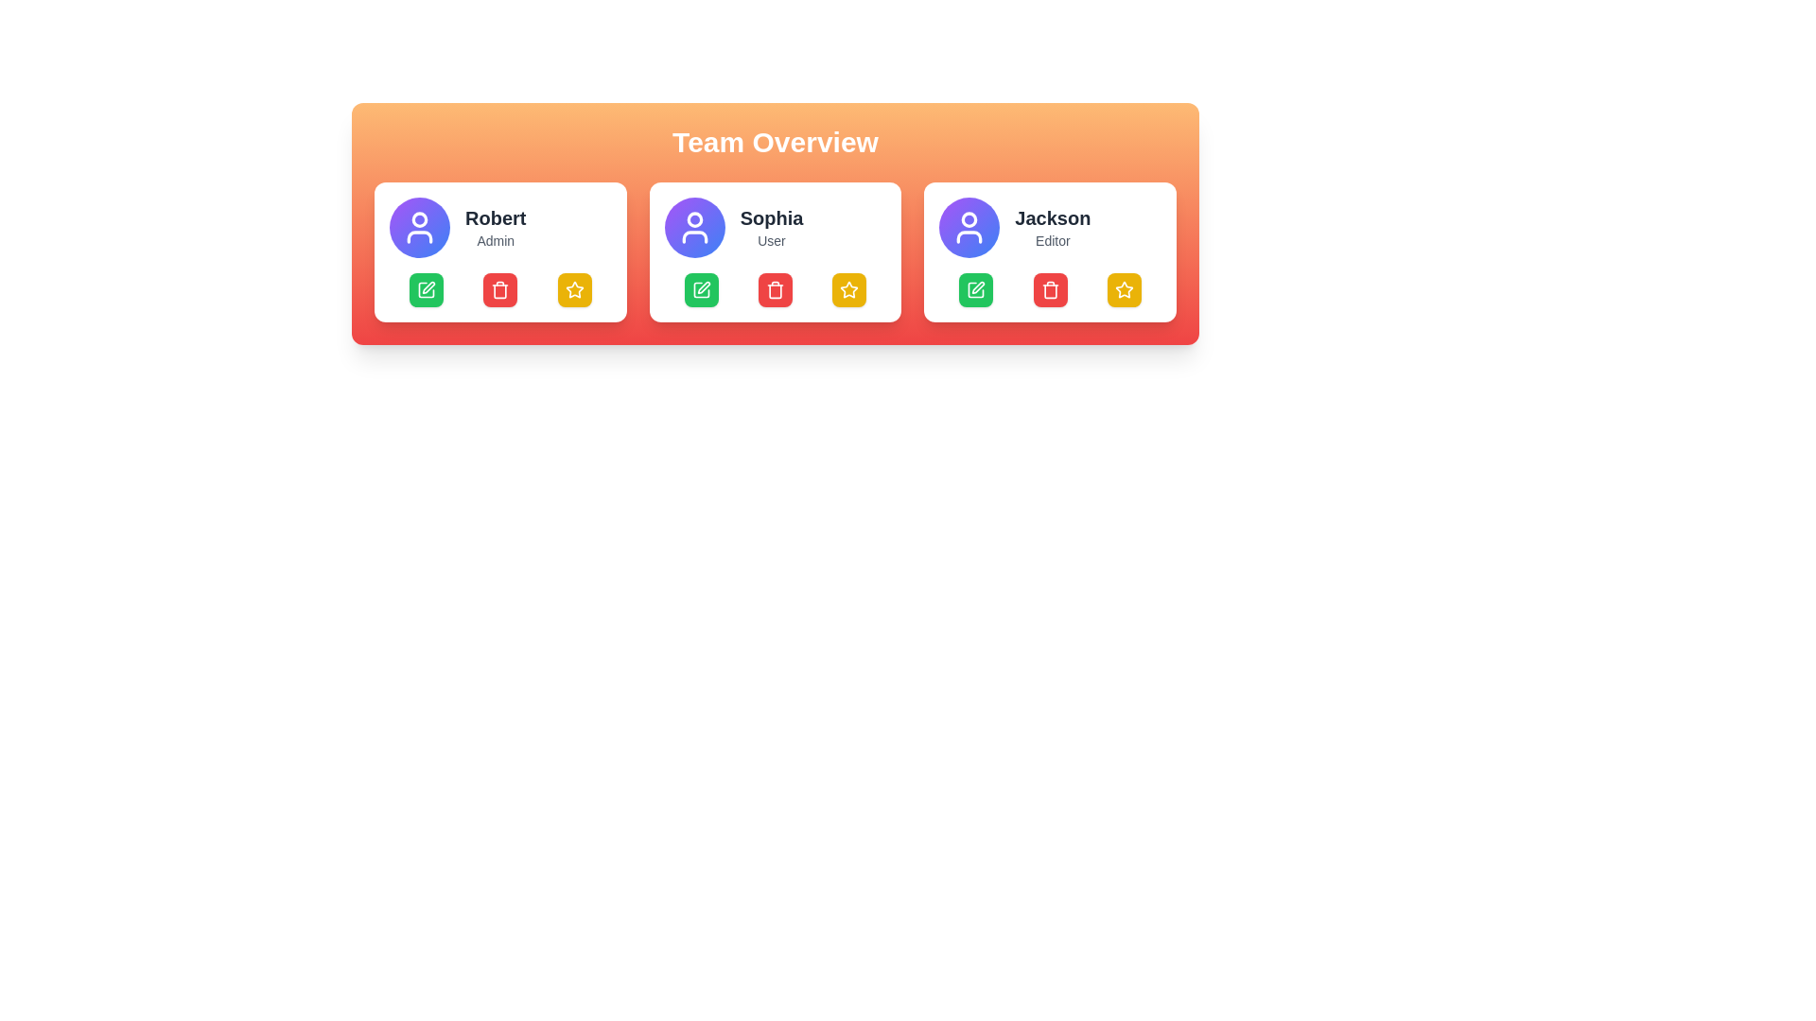 The image size is (1816, 1021). I want to click on the golden-yellow star icon in the bottom-right corner of the card for 'Jackson', so click(1124, 290).